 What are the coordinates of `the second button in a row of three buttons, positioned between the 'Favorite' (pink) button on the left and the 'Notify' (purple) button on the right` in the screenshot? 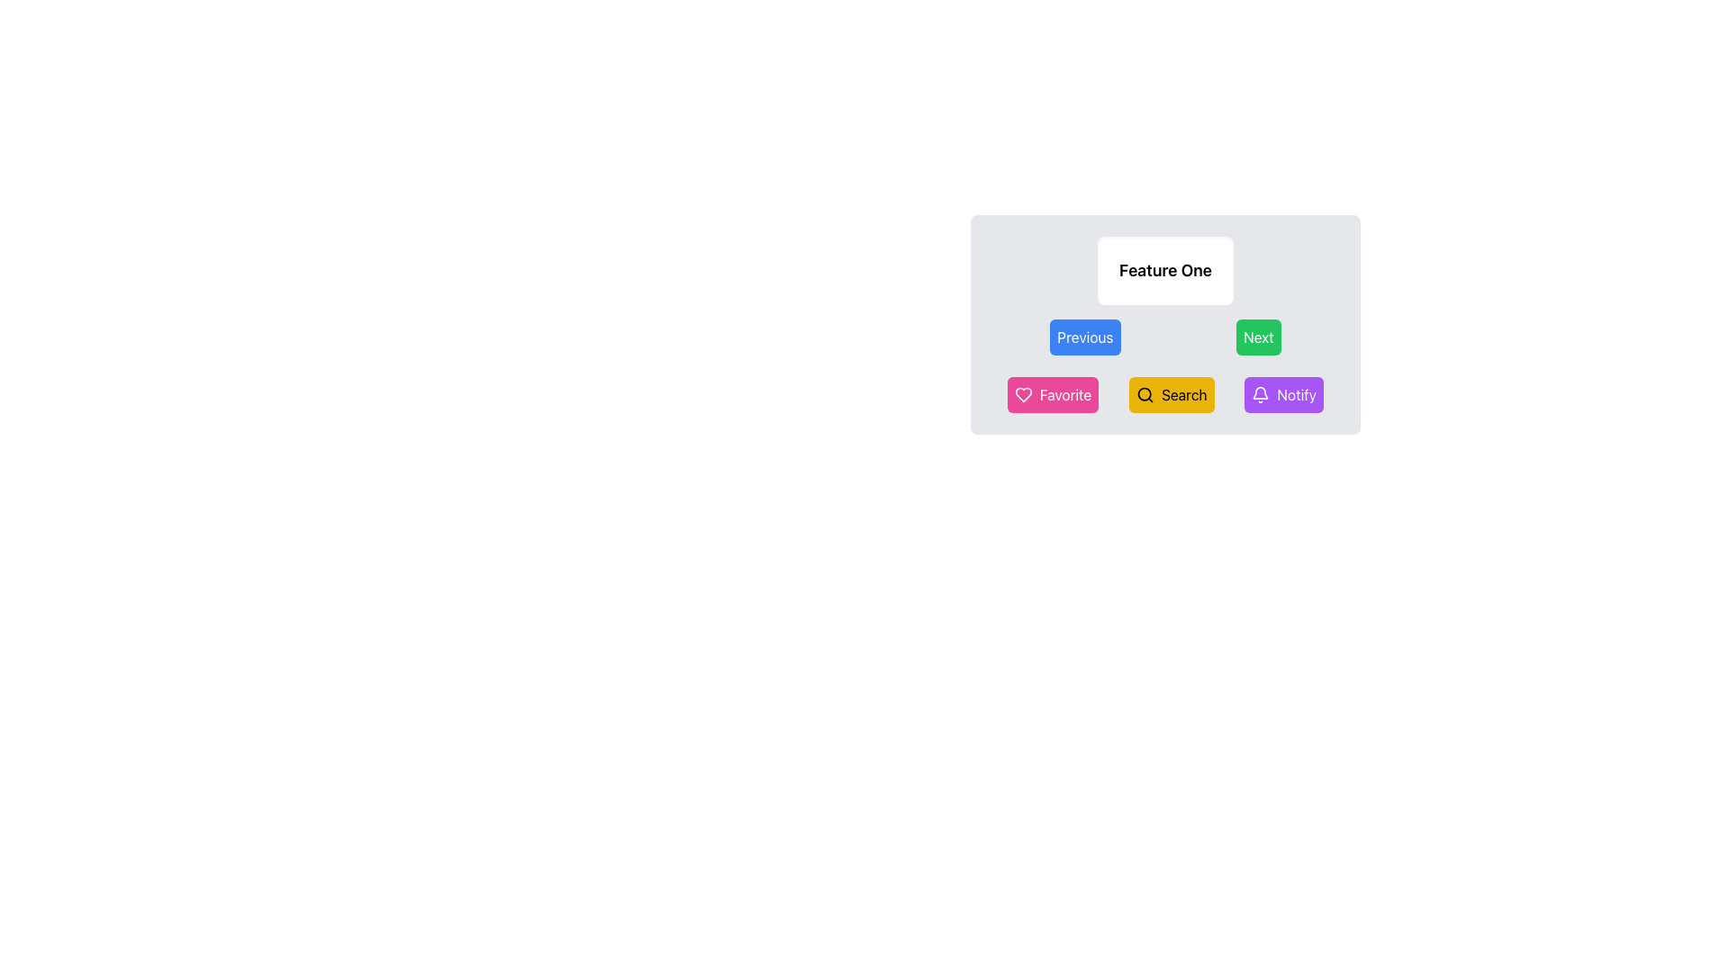 It's located at (1172, 394).